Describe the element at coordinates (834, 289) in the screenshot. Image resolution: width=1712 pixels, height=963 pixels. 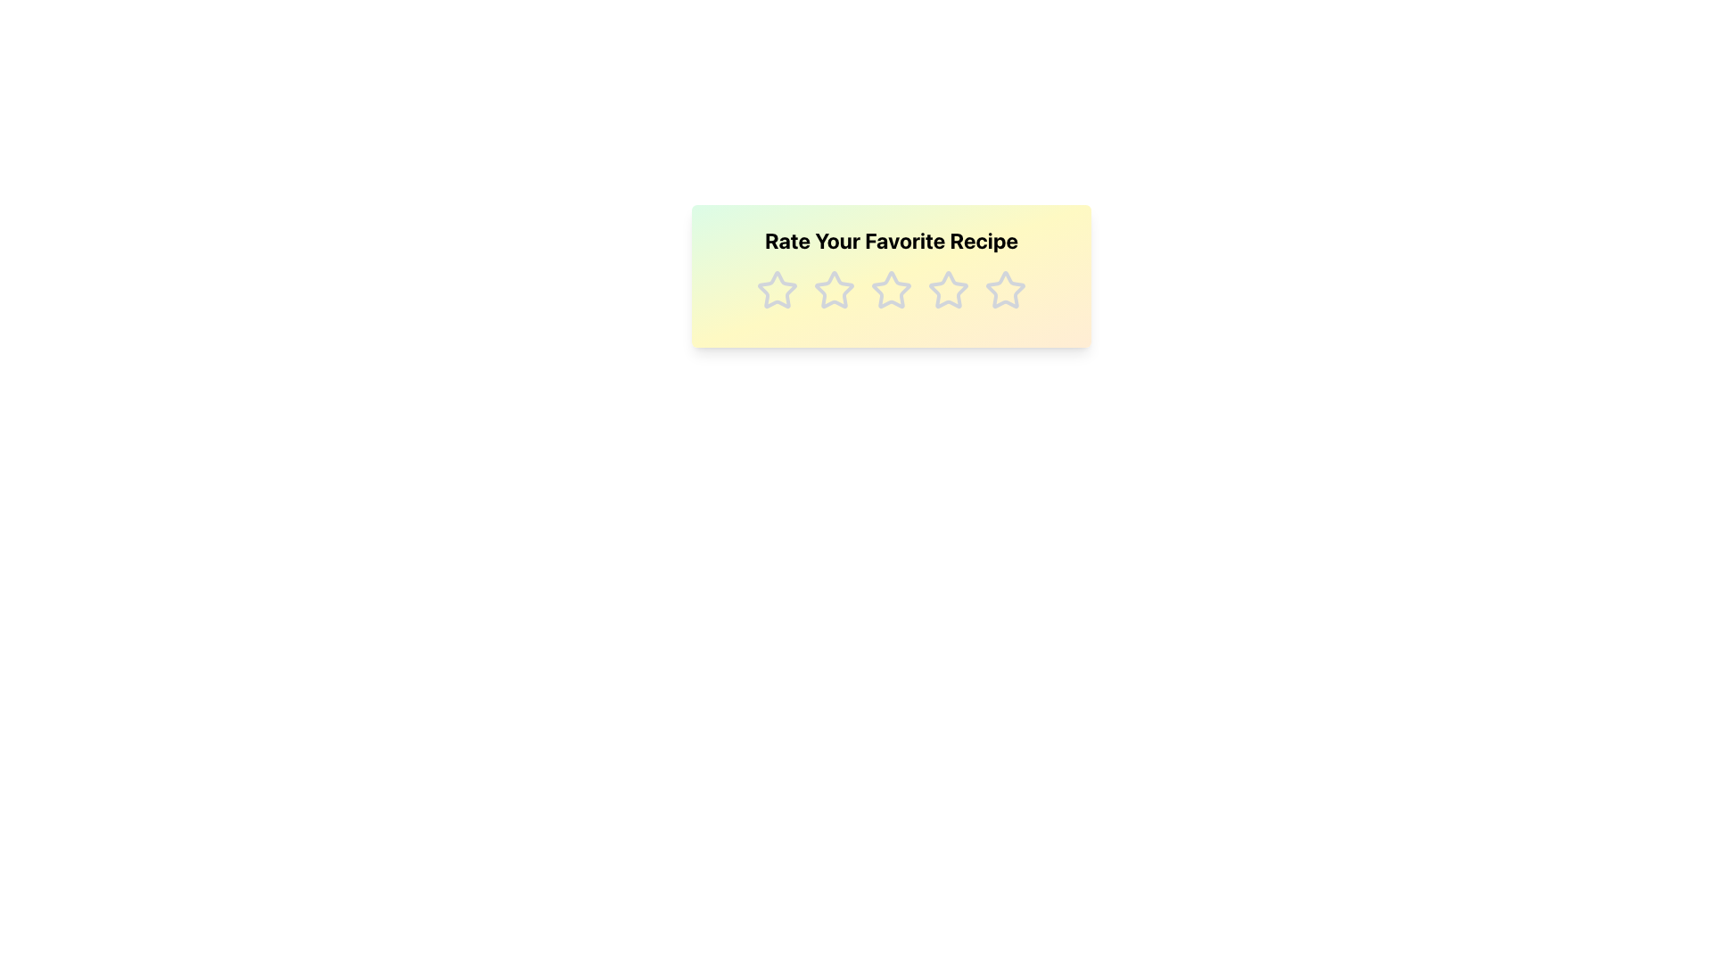
I see `the second star icon in the rating component, which is styled in neutral gray and located below the text 'Rate Your Favorite Recipe'` at that location.